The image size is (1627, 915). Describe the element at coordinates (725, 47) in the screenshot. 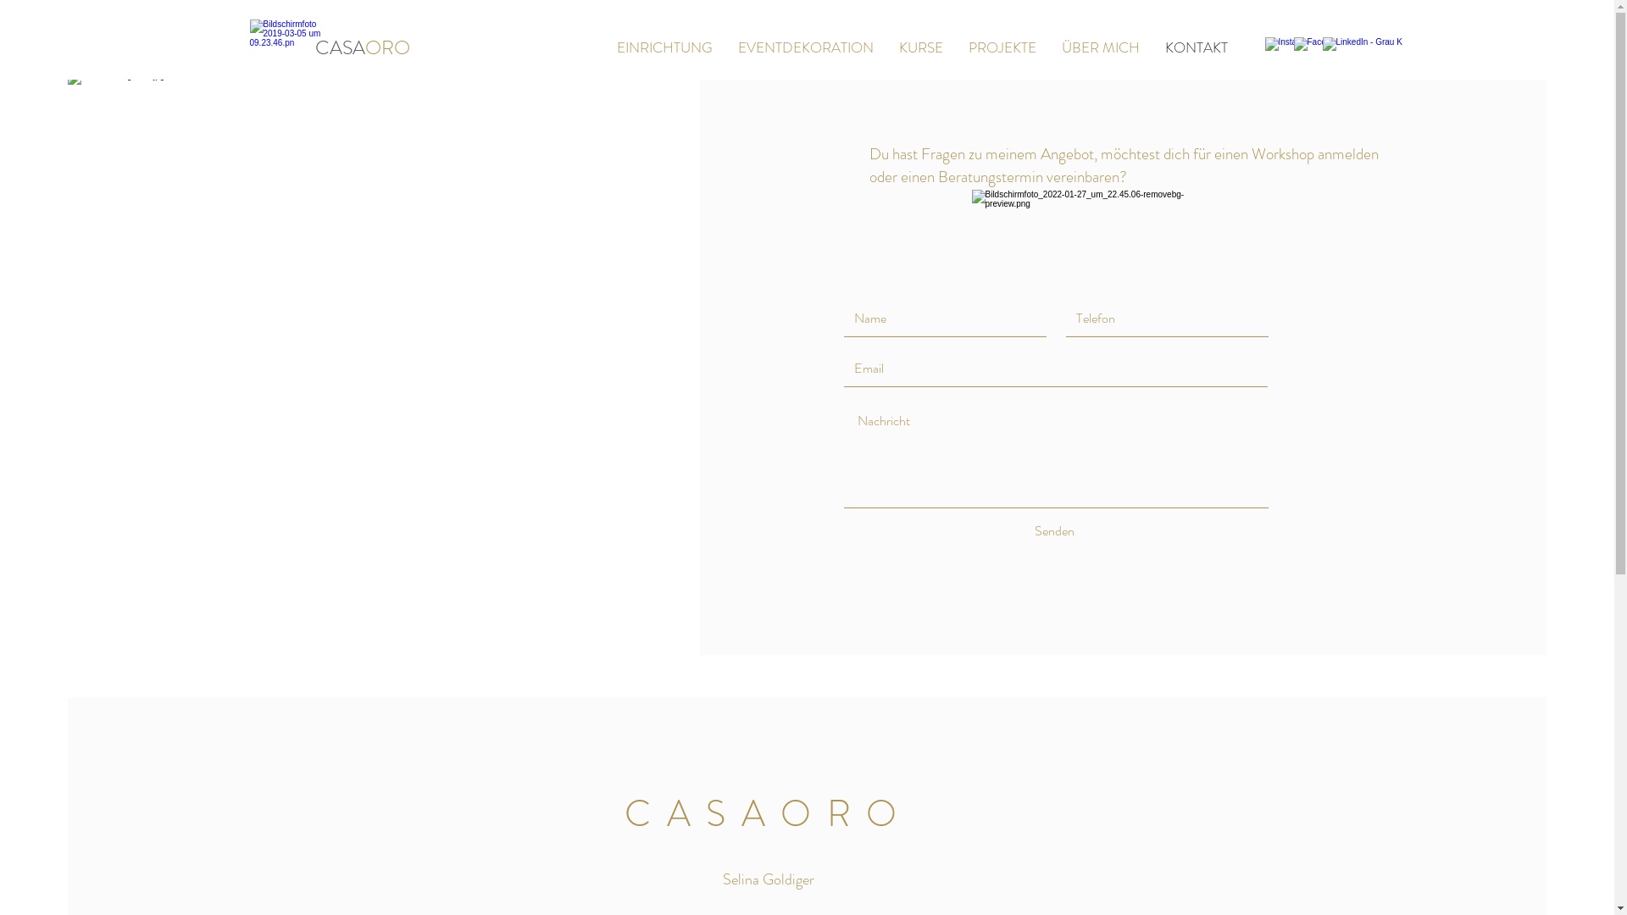

I see `'EVENTDEKORATION'` at that location.